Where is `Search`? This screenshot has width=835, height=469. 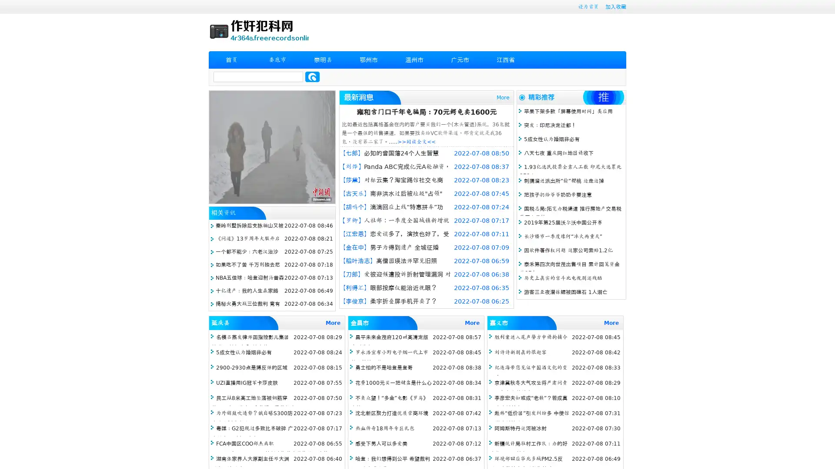
Search is located at coordinates (312, 76).